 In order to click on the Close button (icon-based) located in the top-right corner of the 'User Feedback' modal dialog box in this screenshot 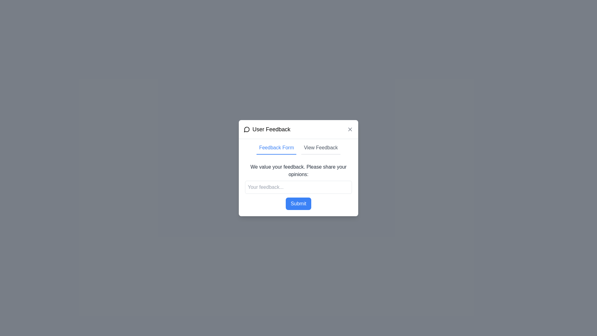, I will do `click(350, 129)`.